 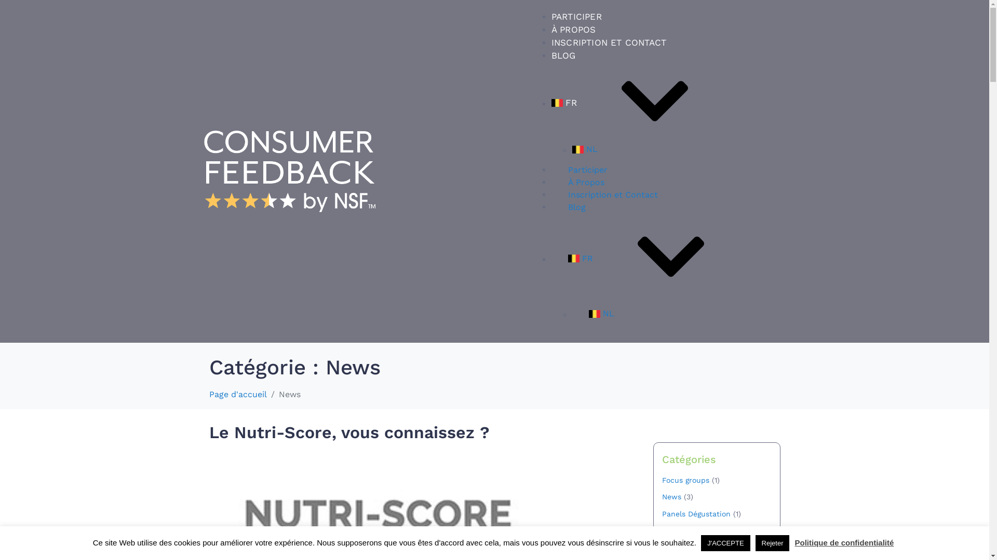 I want to click on 'INSCRIPTION ET CONTACT', so click(x=550, y=41).